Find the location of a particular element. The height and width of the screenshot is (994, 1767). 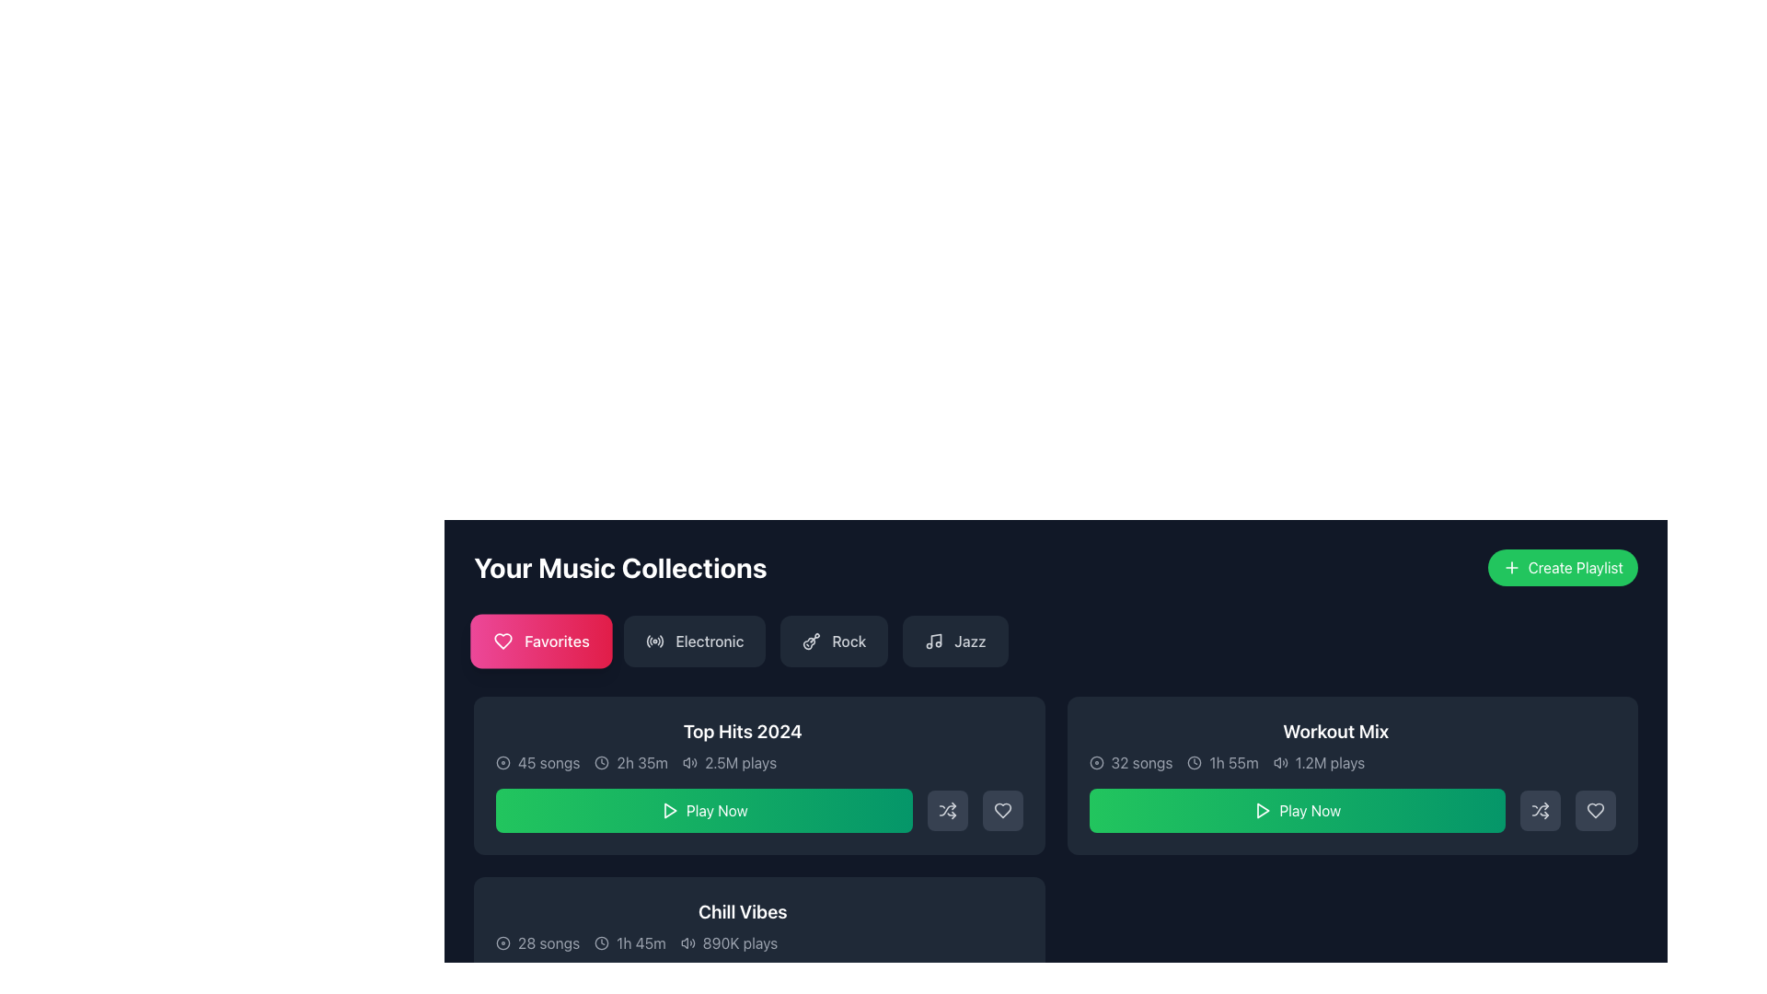

the clock icon located at the bottom left of the 'Chill Vibes' music collection card, which visually represents the duration of 1h 45m is located at coordinates (602, 943).